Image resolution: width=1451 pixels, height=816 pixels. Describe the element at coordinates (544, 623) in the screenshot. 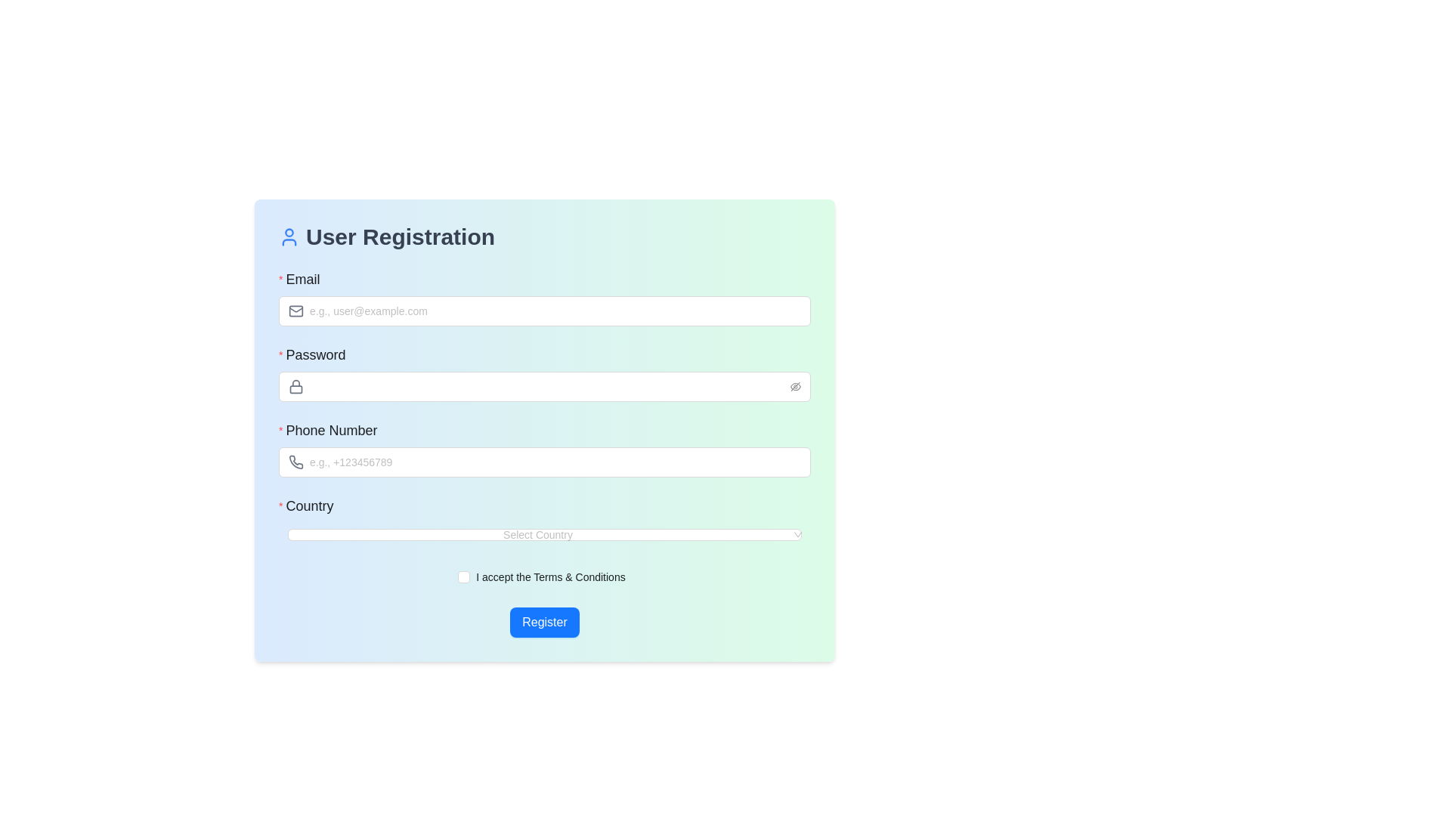

I see `label text of the button labeled 'Register' located at the bottom center of the user registration form` at that location.